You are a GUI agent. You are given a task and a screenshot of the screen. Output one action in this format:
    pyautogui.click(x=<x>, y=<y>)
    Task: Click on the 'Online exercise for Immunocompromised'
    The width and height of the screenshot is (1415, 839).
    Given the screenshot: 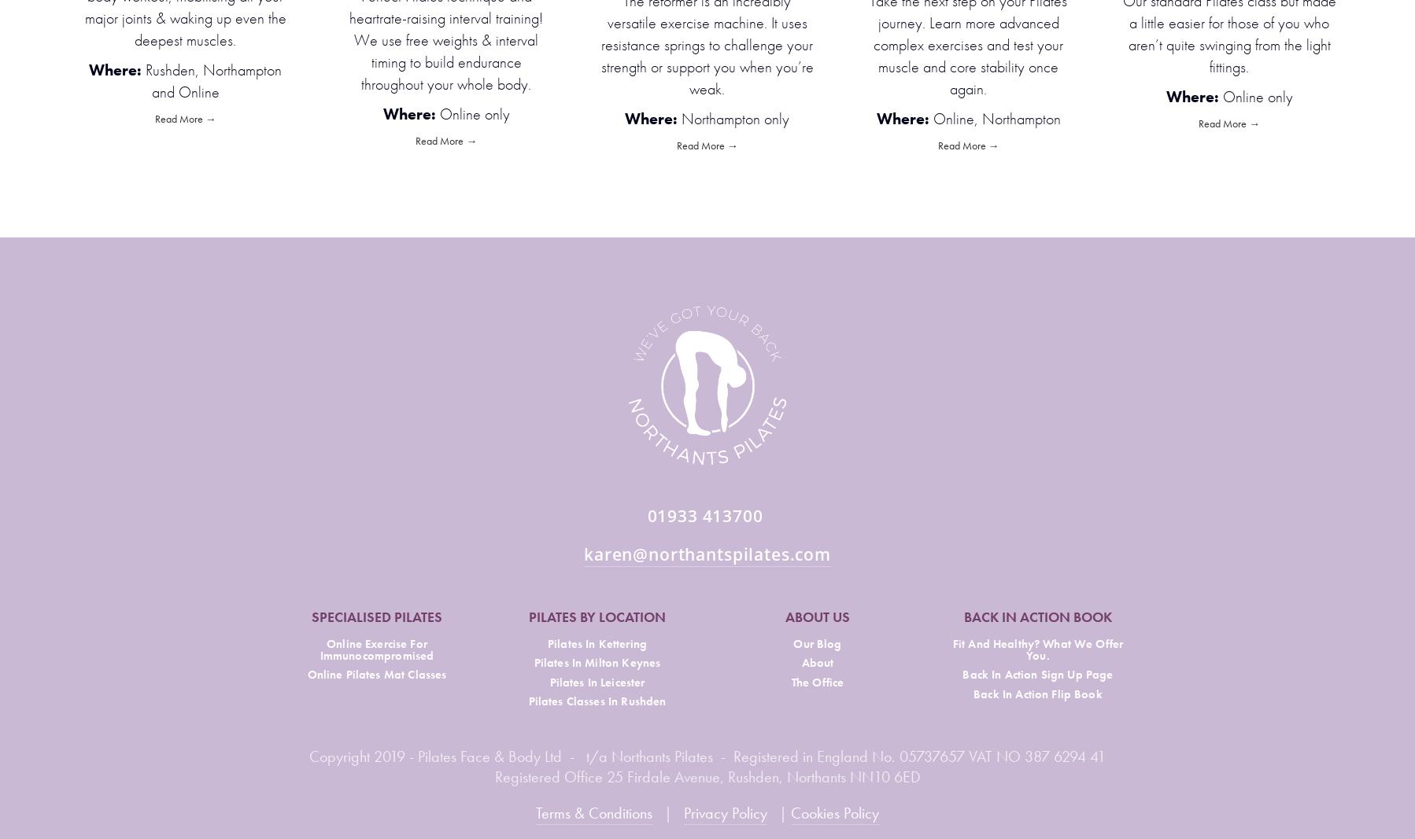 What is the action you would take?
    pyautogui.click(x=376, y=649)
    